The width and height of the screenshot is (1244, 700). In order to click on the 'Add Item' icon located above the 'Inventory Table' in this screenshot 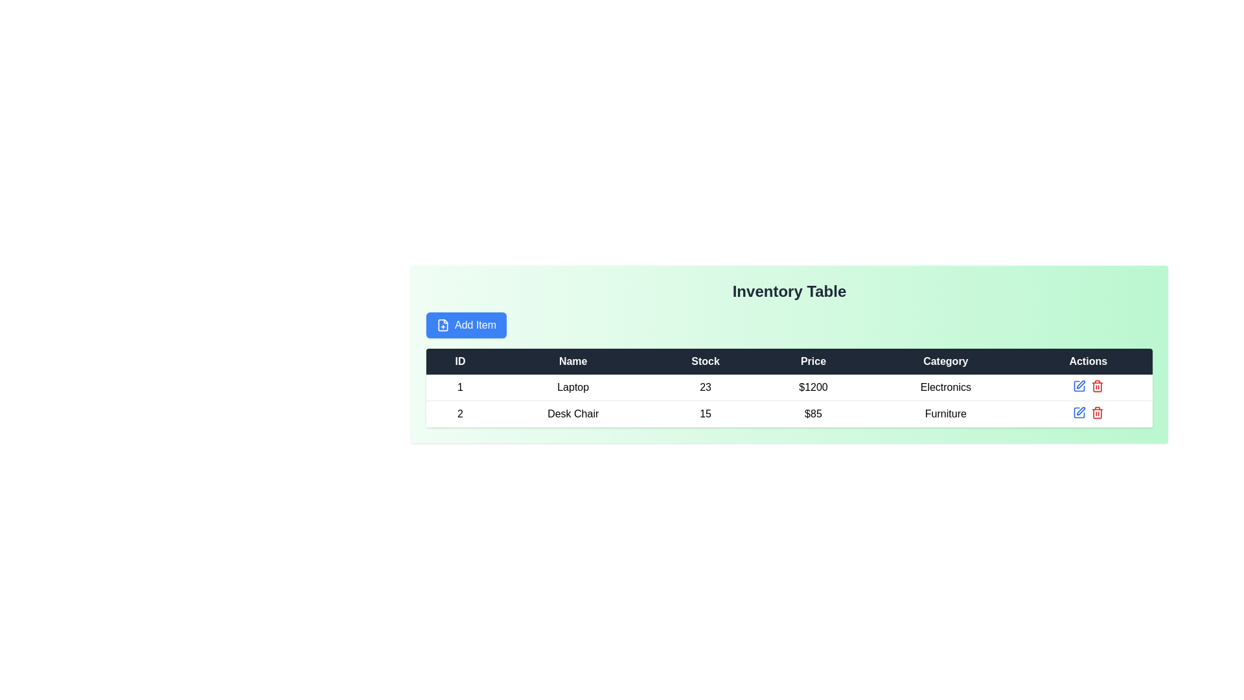, I will do `click(443, 324)`.